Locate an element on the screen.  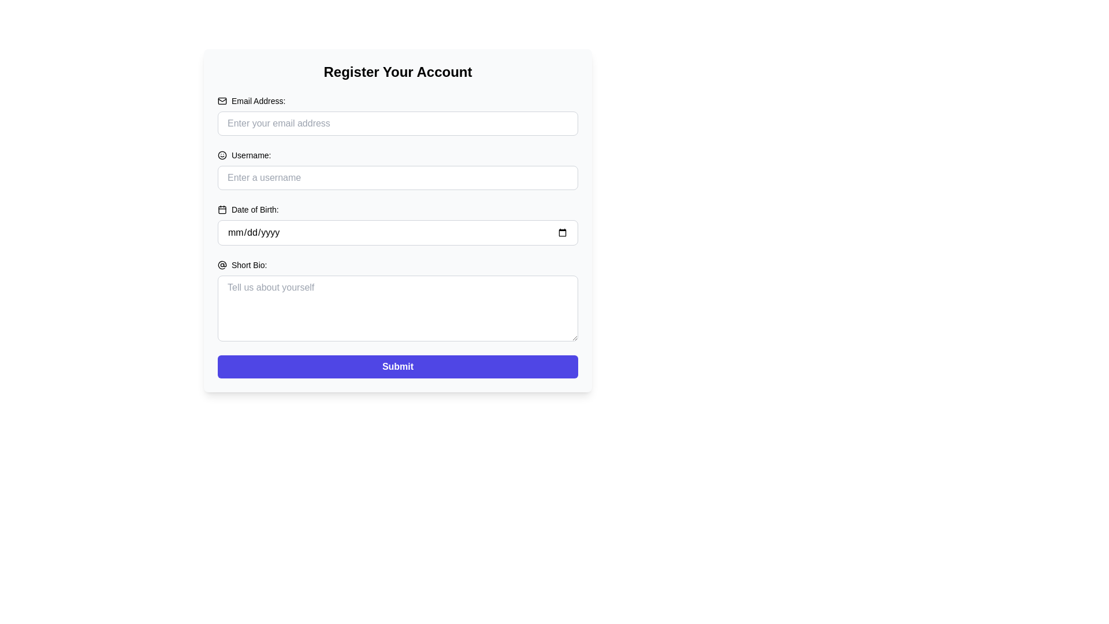
the submit button located below the 'Short Bio' text area is located at coordinates (398, 367).